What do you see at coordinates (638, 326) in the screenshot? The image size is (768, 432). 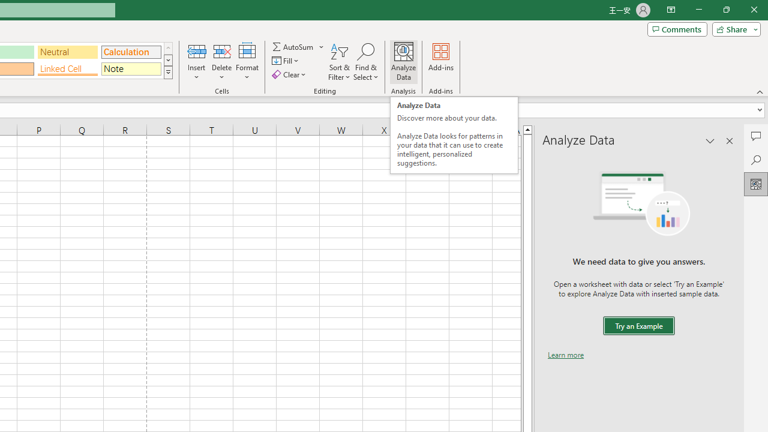 I see `'We need data to give you answers. Try an Example'` at bounding box center [638, 326].